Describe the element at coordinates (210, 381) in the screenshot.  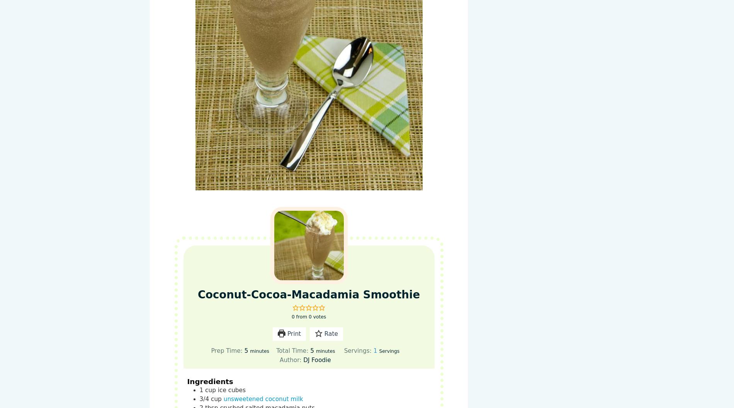
I see `'Ingredients'` at that location.